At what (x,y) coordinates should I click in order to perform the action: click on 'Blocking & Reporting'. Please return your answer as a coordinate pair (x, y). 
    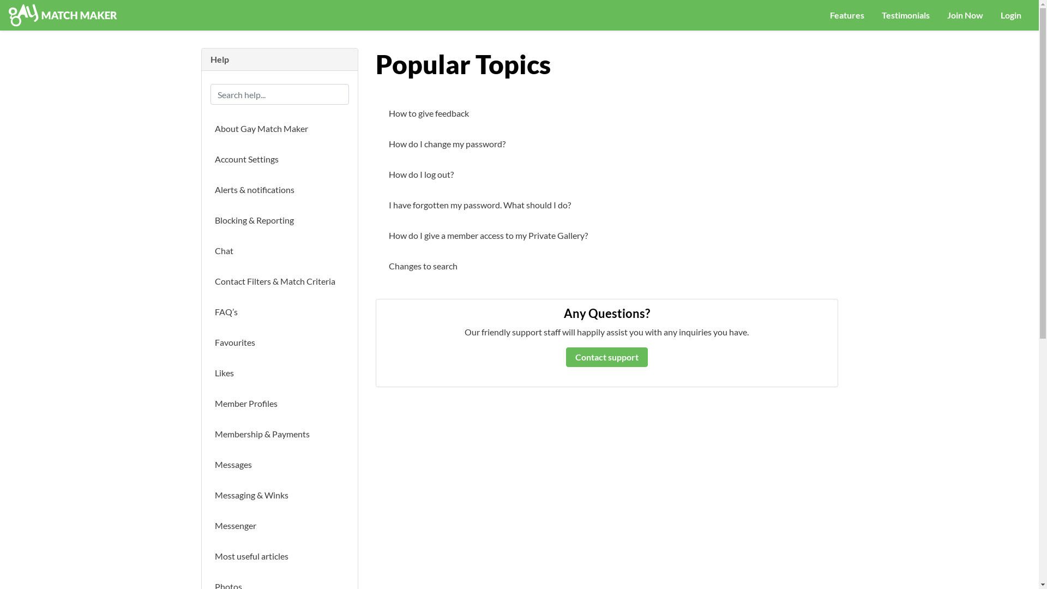
    Looking at the image, I should click on (280, 220).